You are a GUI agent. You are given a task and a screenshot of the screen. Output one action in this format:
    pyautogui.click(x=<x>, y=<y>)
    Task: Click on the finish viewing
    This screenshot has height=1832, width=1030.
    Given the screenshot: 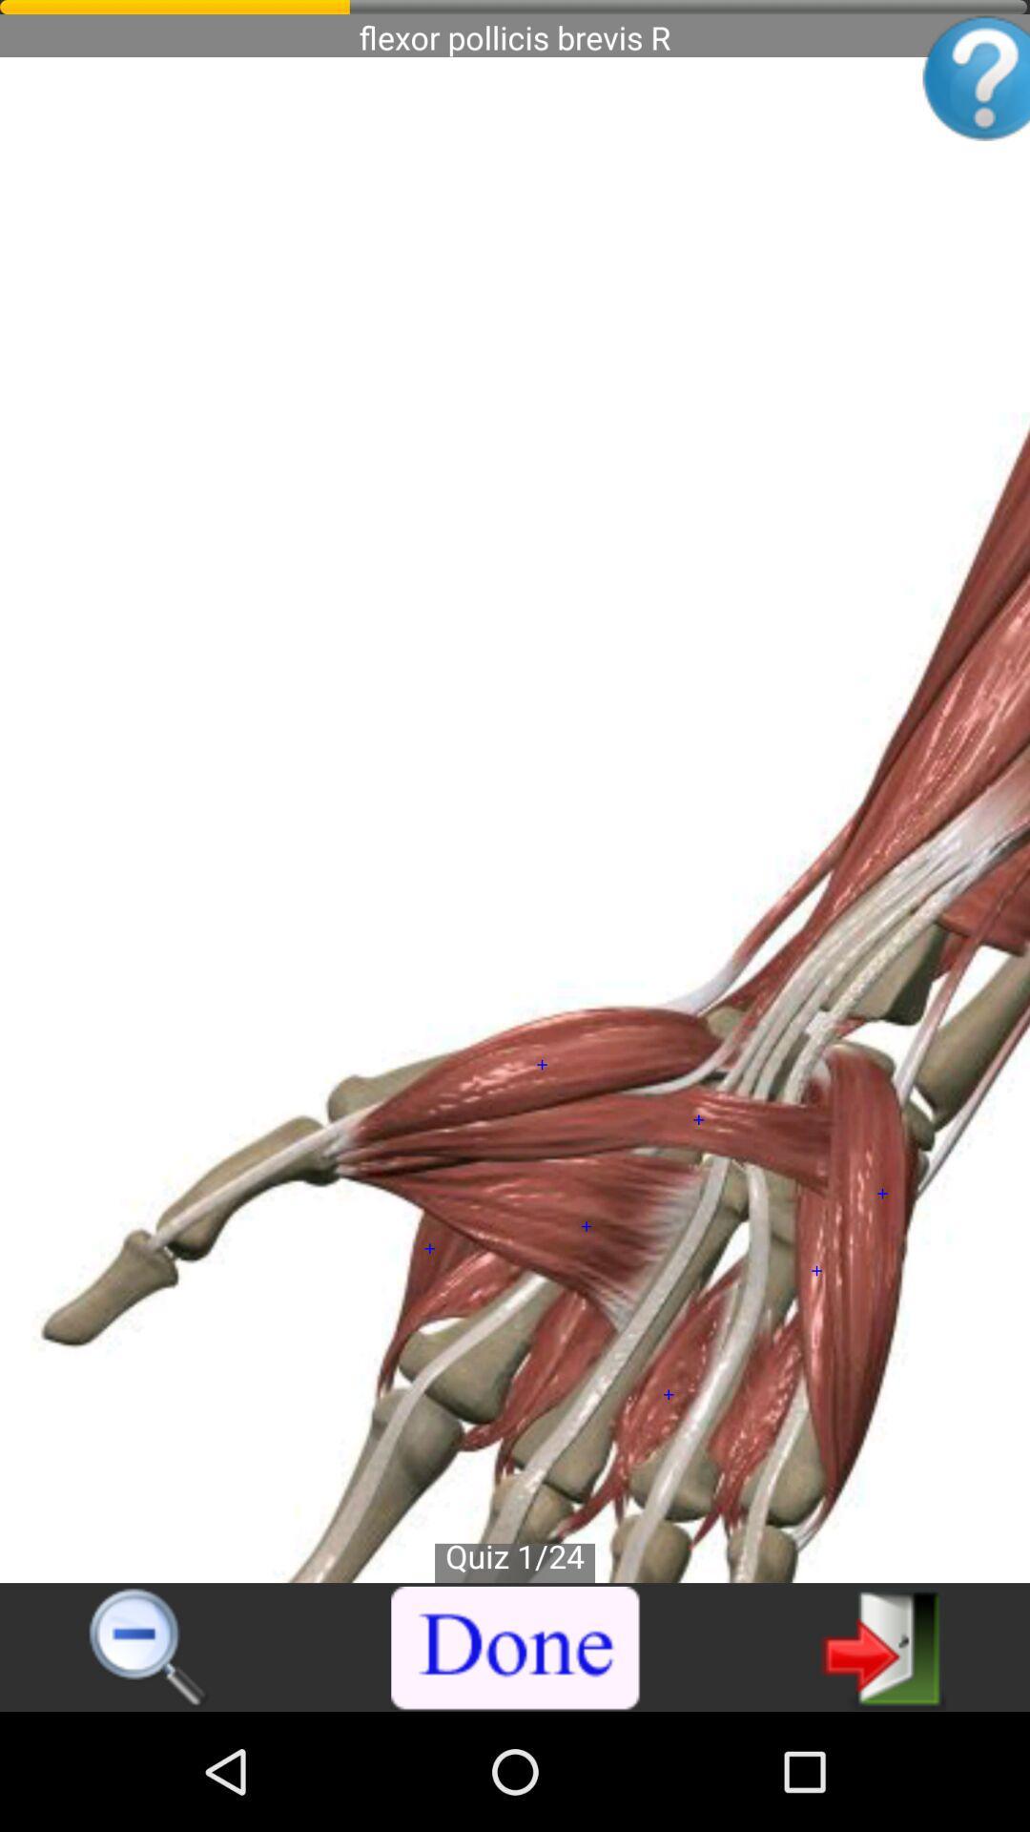 What is the action you would take?
    pyautogui.click(x=516, y=1648)
    